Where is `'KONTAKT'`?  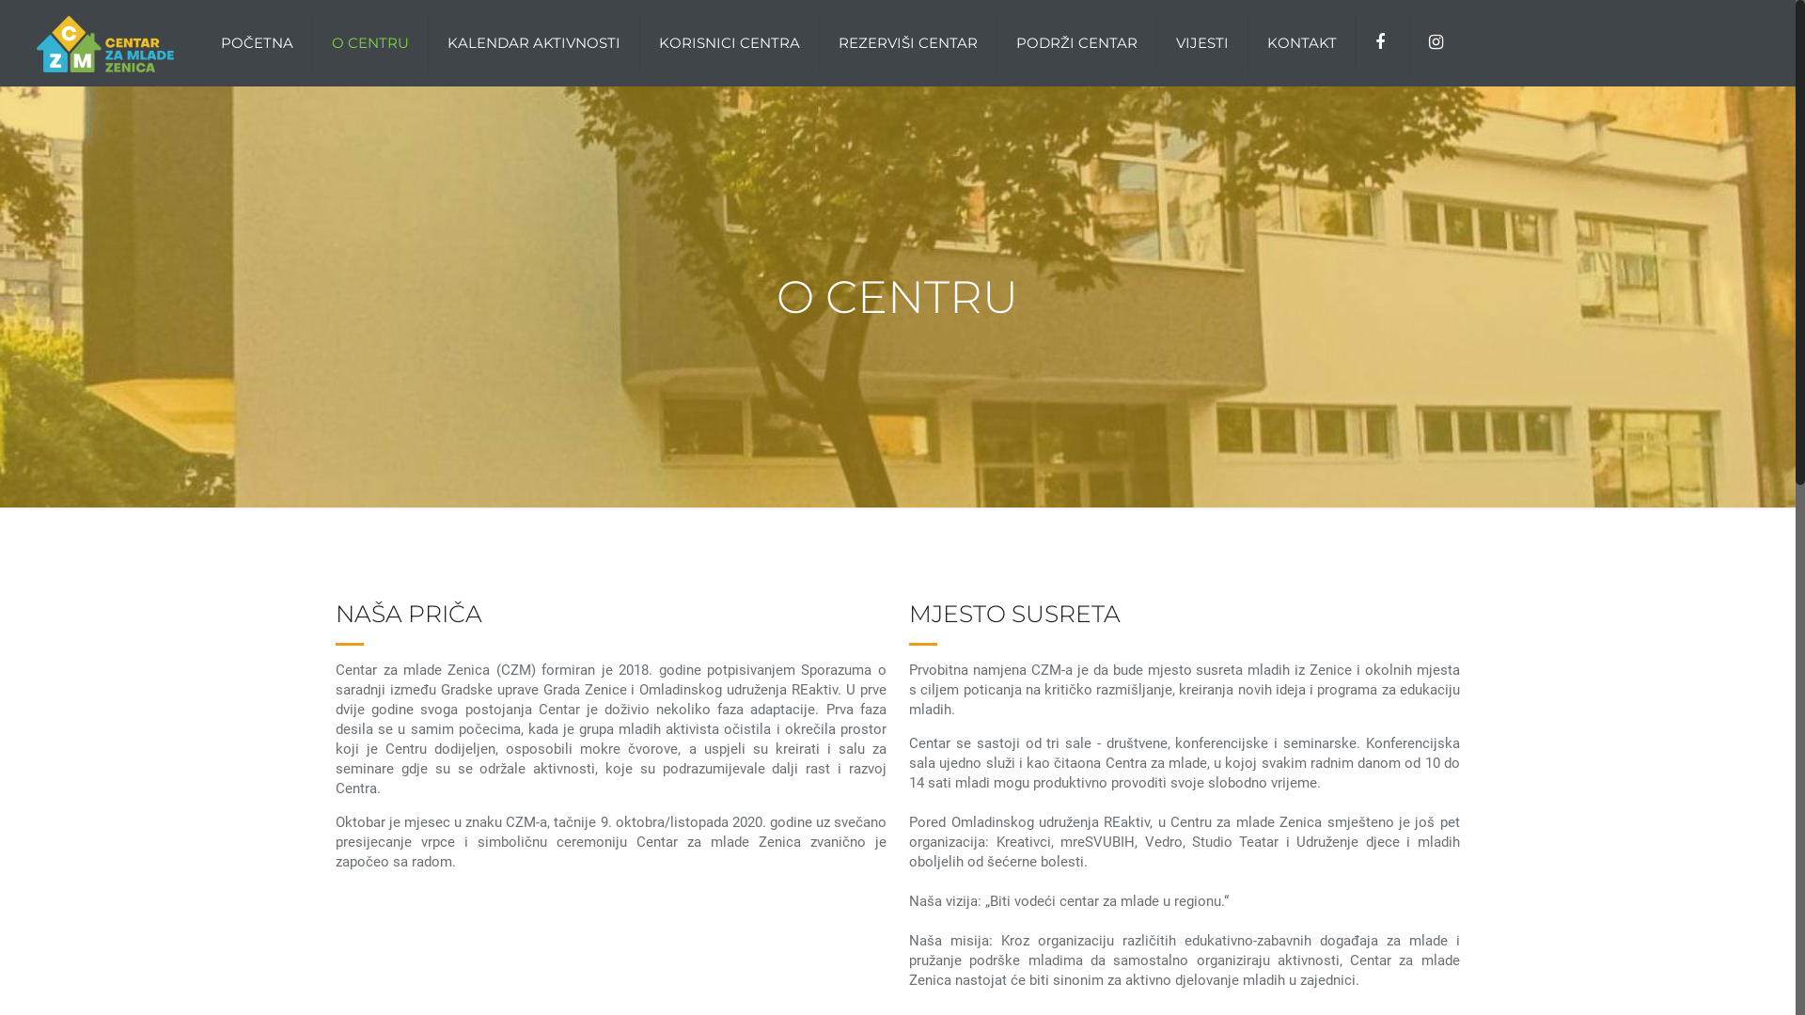
'KONTAKT' is located at coordinates (1301, 42).